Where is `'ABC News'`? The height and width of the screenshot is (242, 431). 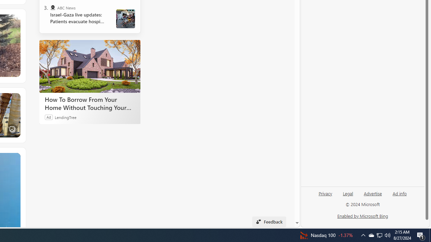
'ABC News' is located at coordinates (52, 8).